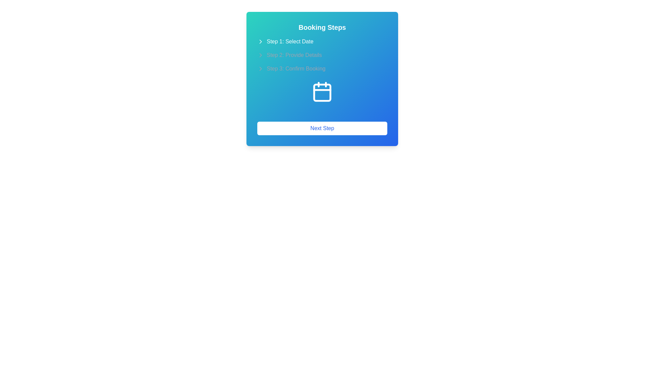 This screenshot has height=366, width=650. I want to click on the visually-centered calendar icon within the rounded rectangle background of the 'Booking Steps' card, which is styled with a gradient of teal and blue shades, so click(322, 97).